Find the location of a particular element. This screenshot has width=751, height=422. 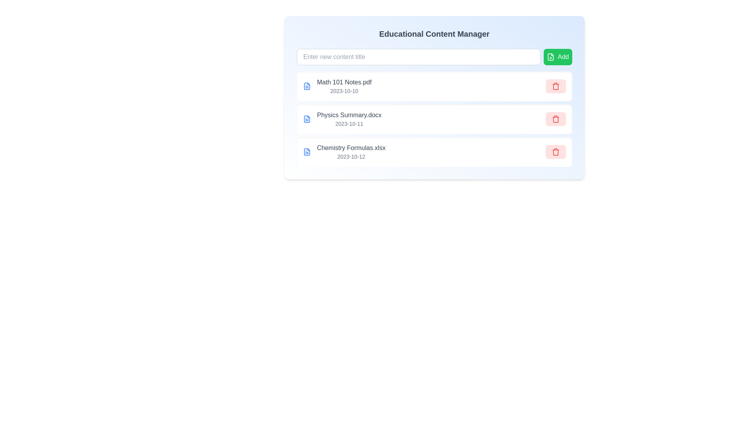

the decorative SVG icon representing a file located within the 'Add' button in the top-right corner of the UI is located at coordinates (550, 57).